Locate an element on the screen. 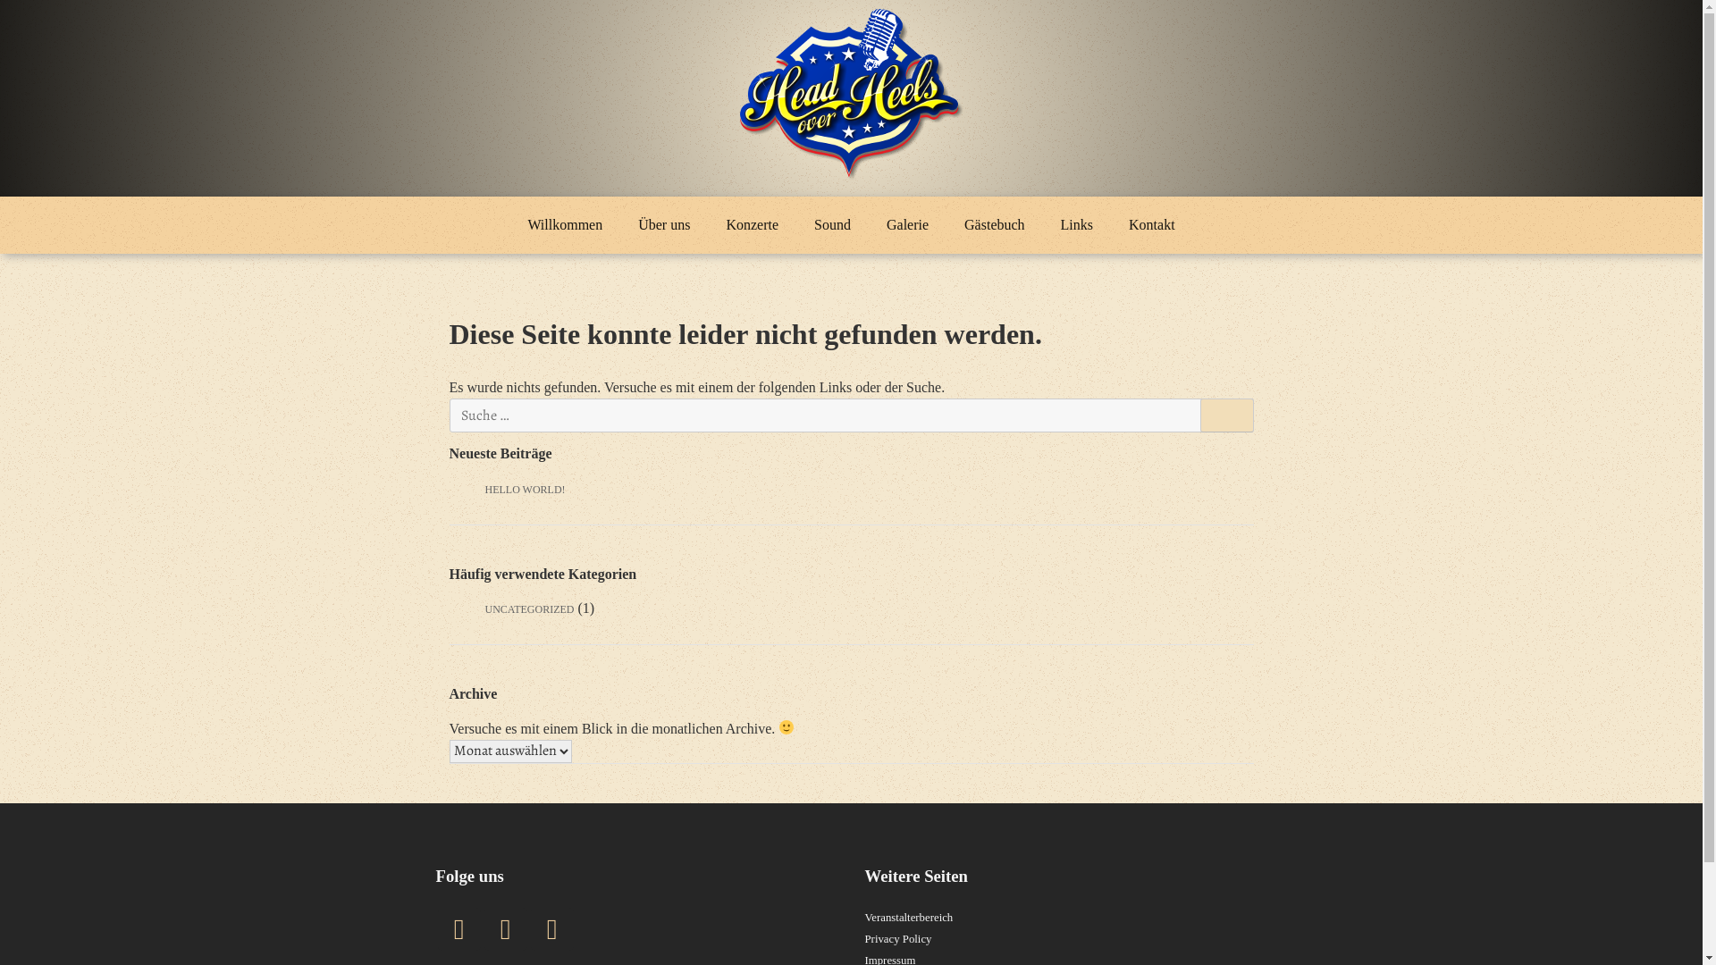 The height and width of the screenshot is (965, 1716). 'Galerie' is located at coordinates (868, 223).